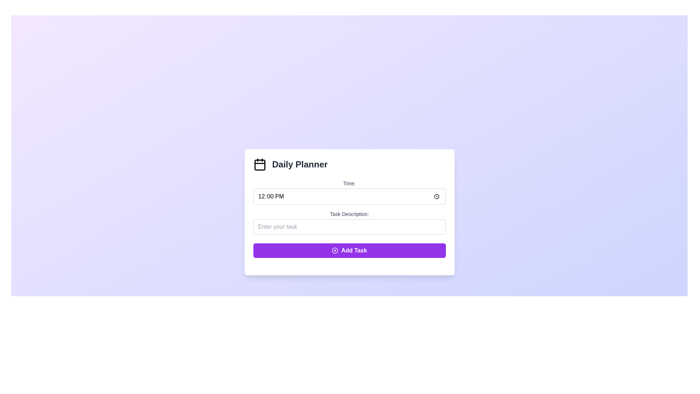 This screenshot has height=394, width=700. Describe the element at coordinates (335, 250) in the screenshot. I see `the 'Add Task' button, which is represented by an SVG Circle at the bottom-center of the interface` at that location.